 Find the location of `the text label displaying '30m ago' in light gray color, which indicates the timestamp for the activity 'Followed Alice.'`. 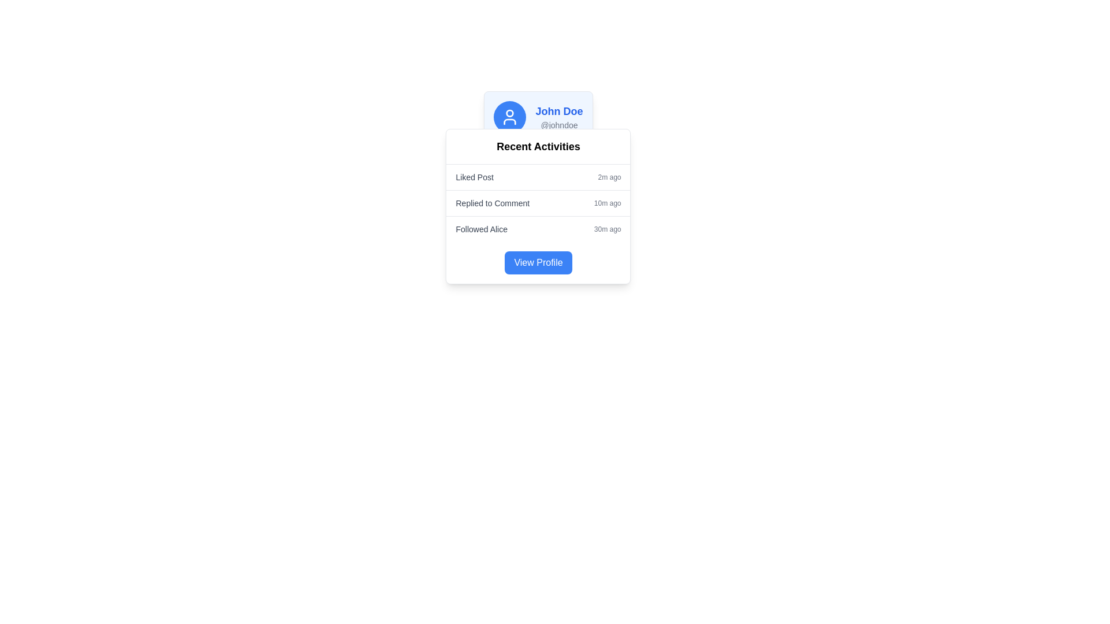

the text label displaying '30m ago' in light gray color, which indicates the timestamp for the activity 'Followed Alice.' is located at coordinates (607, 229).